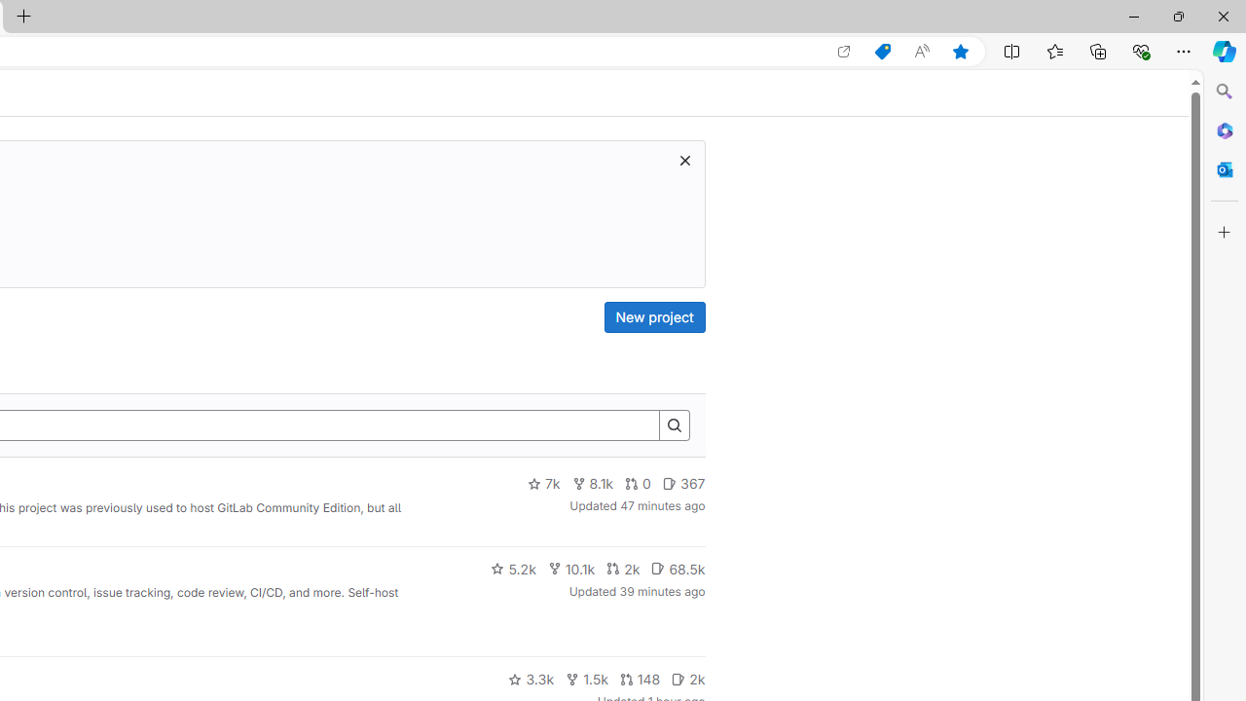  What do you see at coordinates (678, 678) in the screenshot?
I see `'Class: s14 gl-mr-2'` at bounding box center [678, 678].